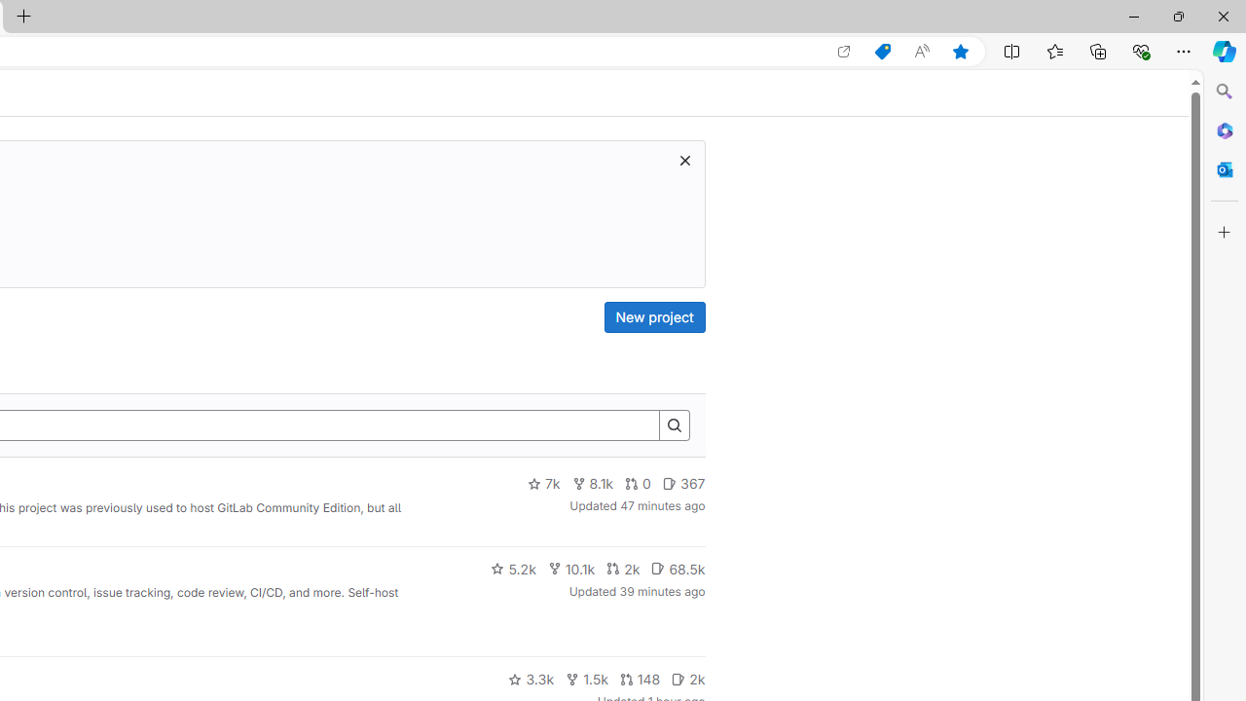  What do you see at coordinates (678, 678) in the screenshot?
I see `'Class: s14 gl-mr-2'` at bounding box center [678, 678].